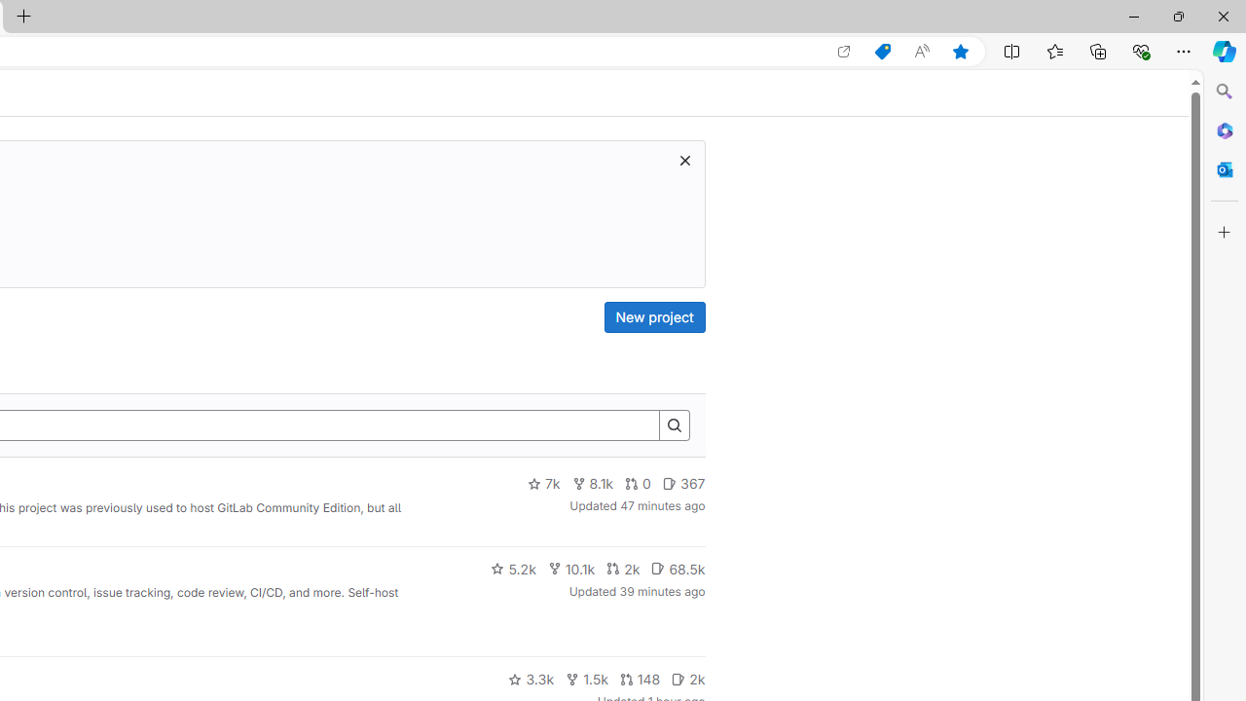  What do you see at coordinates (678, 678) in the screenshot?
I see `'Class: s14 gl-mr-2'` at bounding box center [678, 678].